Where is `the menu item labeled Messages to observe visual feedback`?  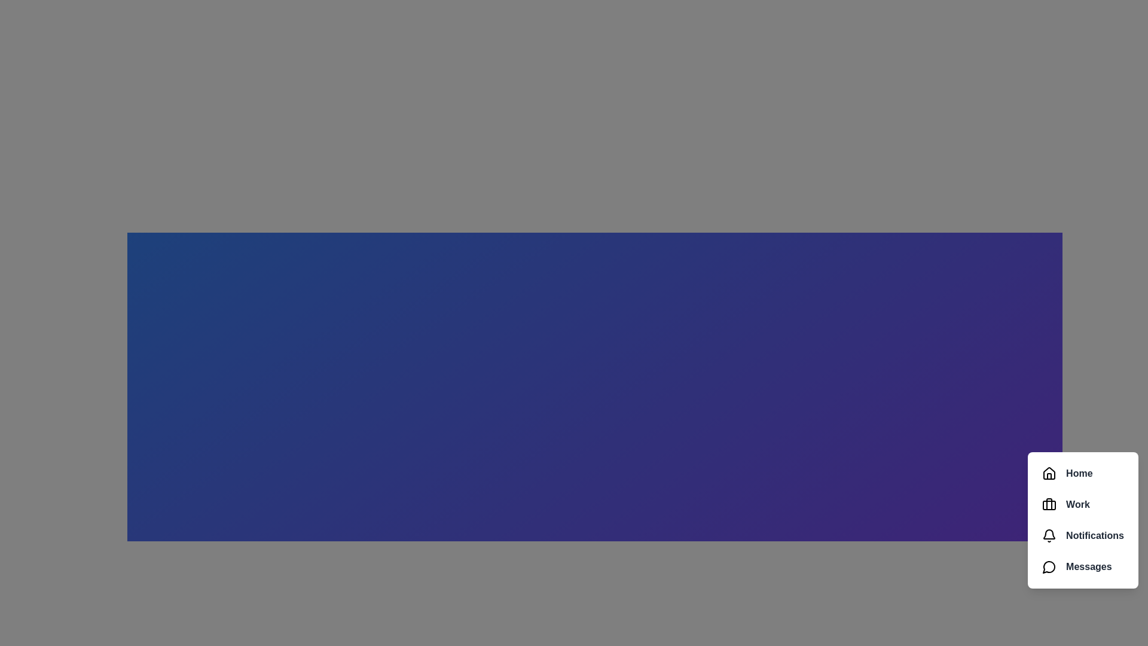 the menu item labeled Messages to observe visual feedback is located at coordinates (1083, 566).